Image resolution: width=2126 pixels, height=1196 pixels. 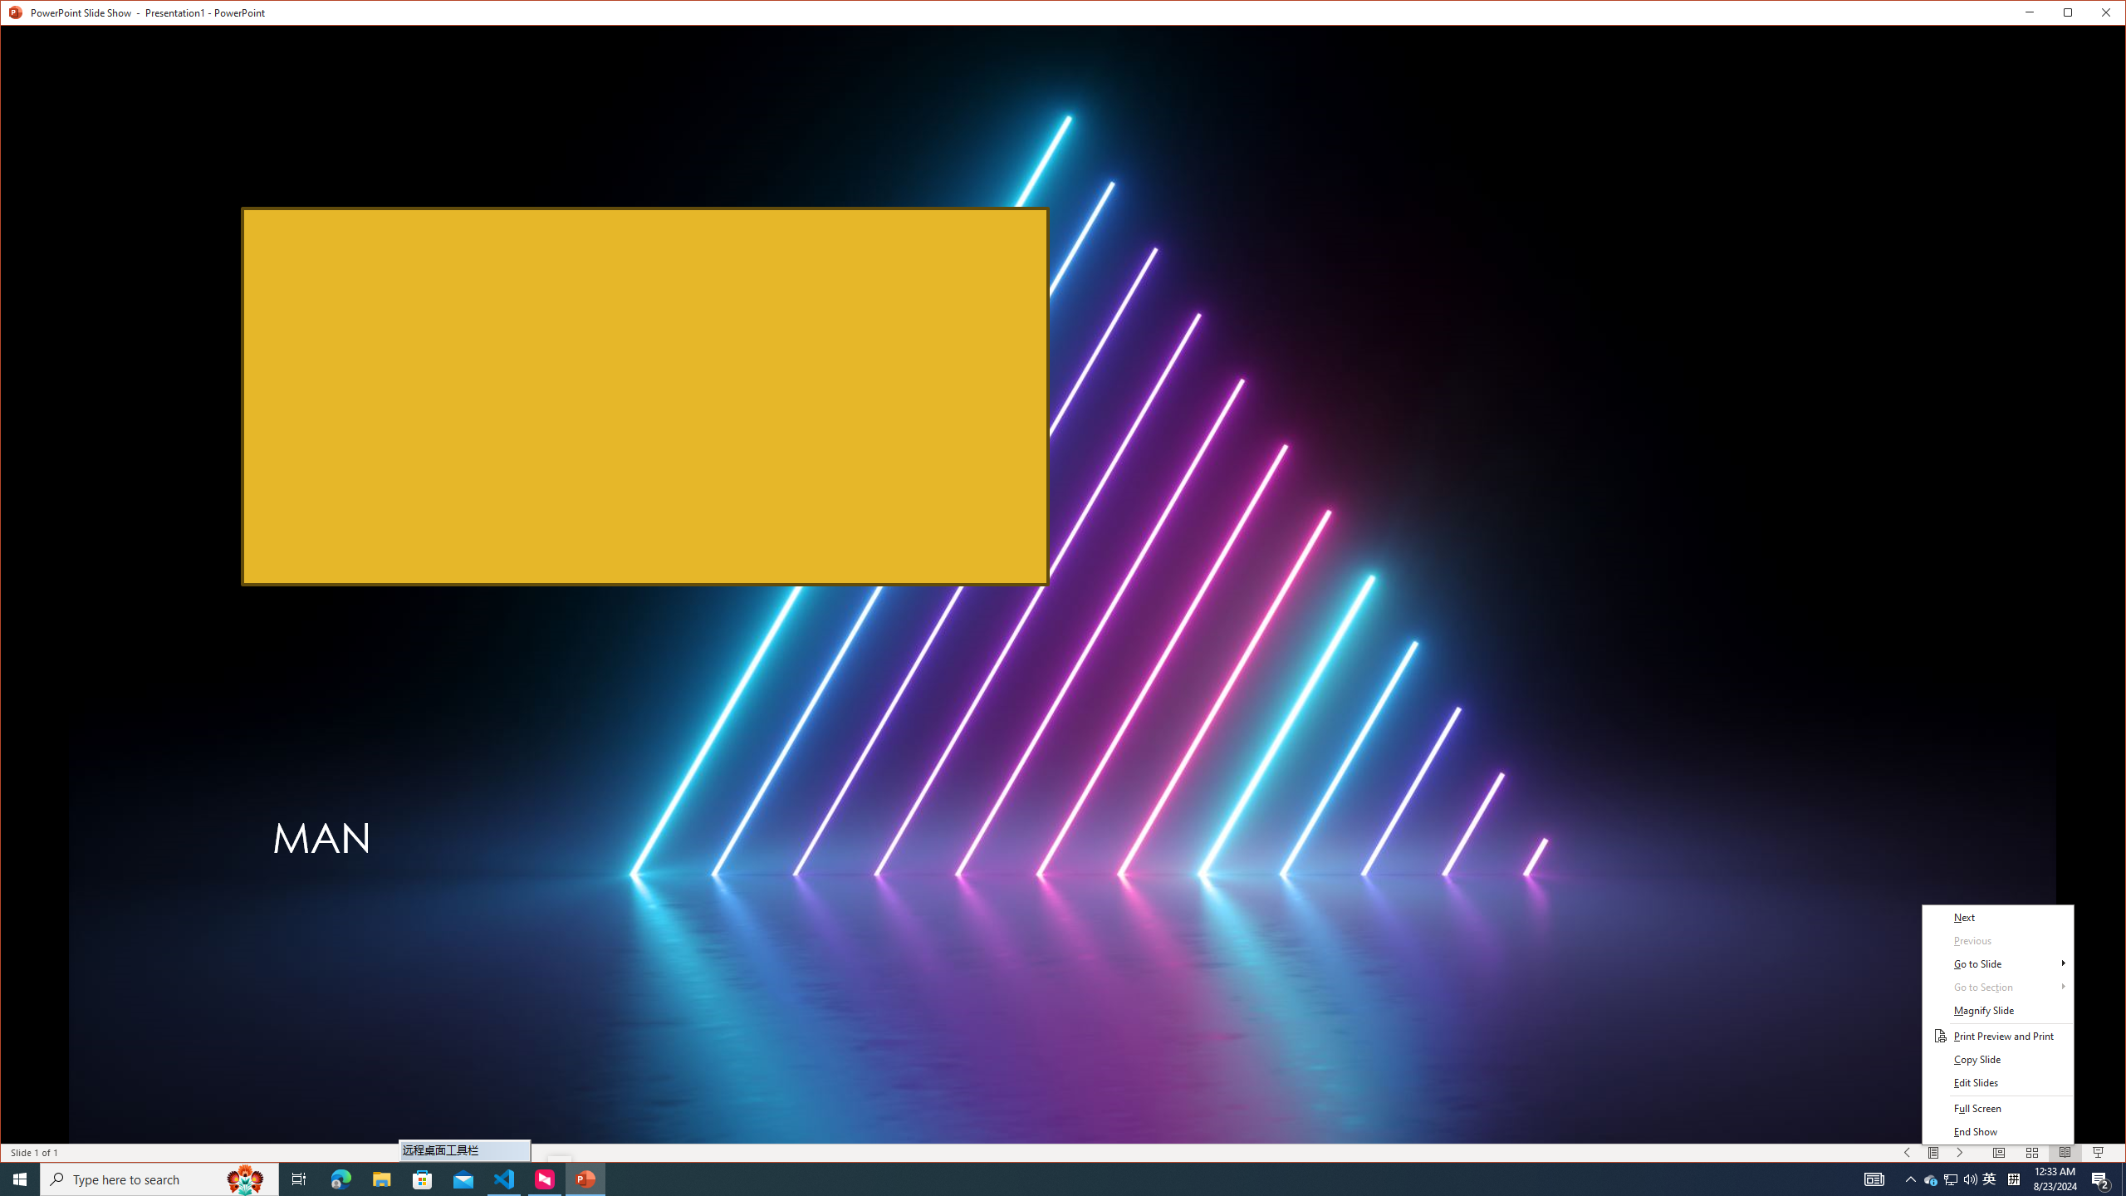 I want to click on 'End Show', so click(x=1997, y=1131).